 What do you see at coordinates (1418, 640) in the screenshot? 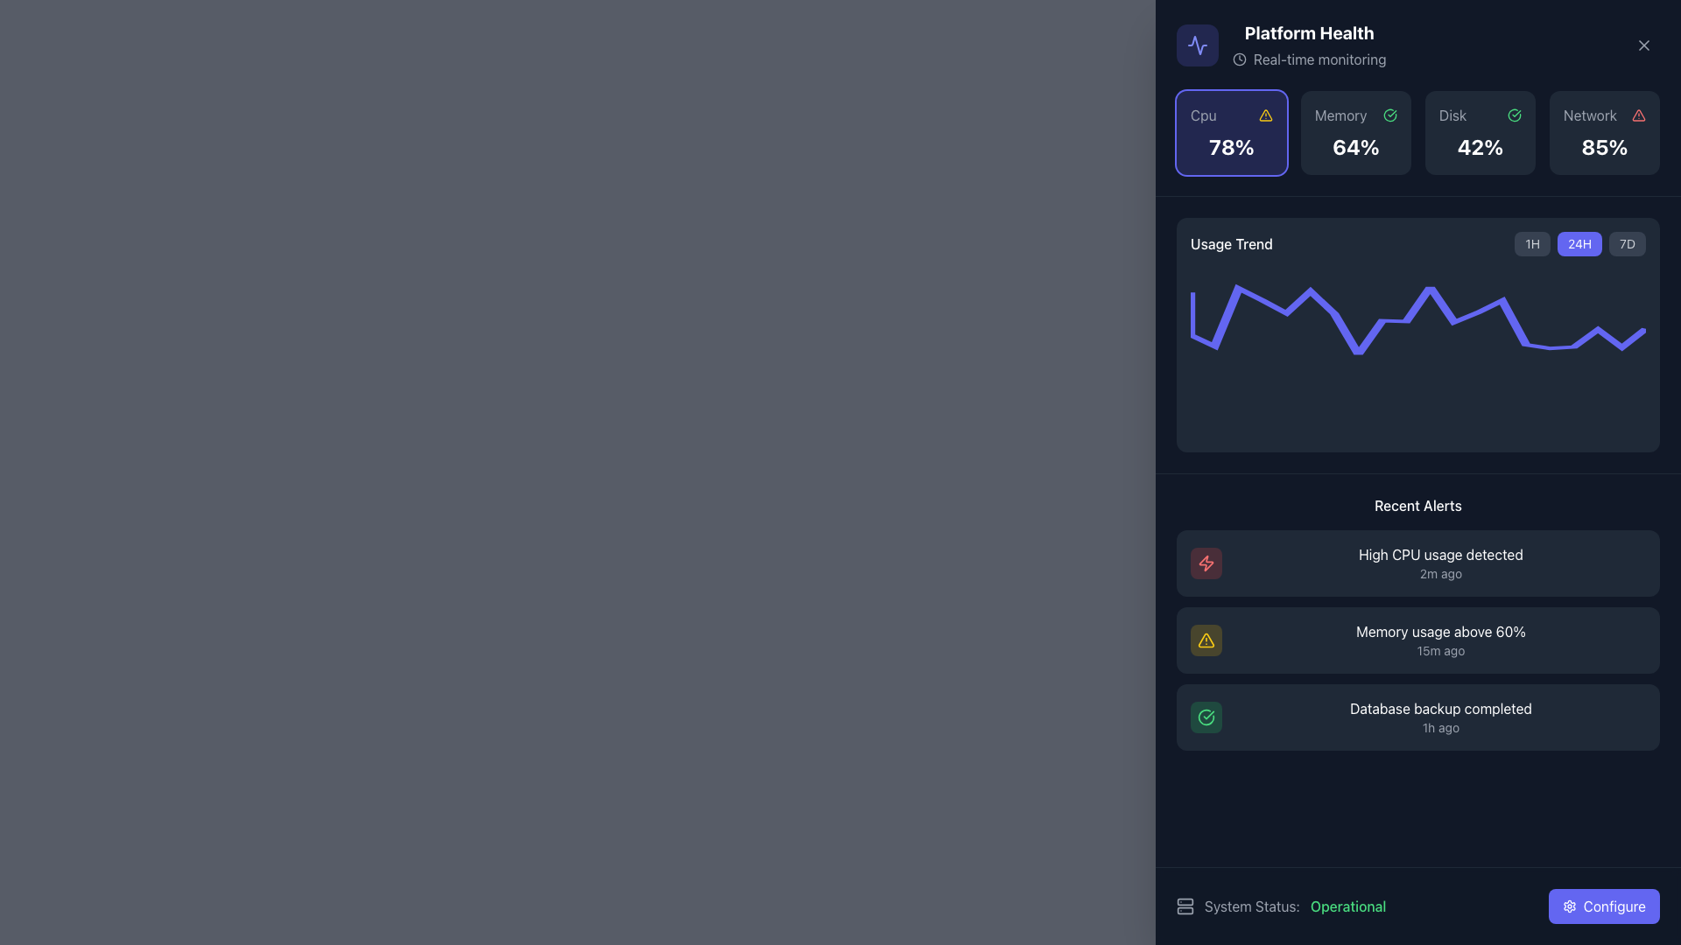
I see `the second notification card in the 'Recent Alerts' section, which contains a yellow warning icon and text indicating 'Memory usage above 60%'` at bounding box center [1418, 640].